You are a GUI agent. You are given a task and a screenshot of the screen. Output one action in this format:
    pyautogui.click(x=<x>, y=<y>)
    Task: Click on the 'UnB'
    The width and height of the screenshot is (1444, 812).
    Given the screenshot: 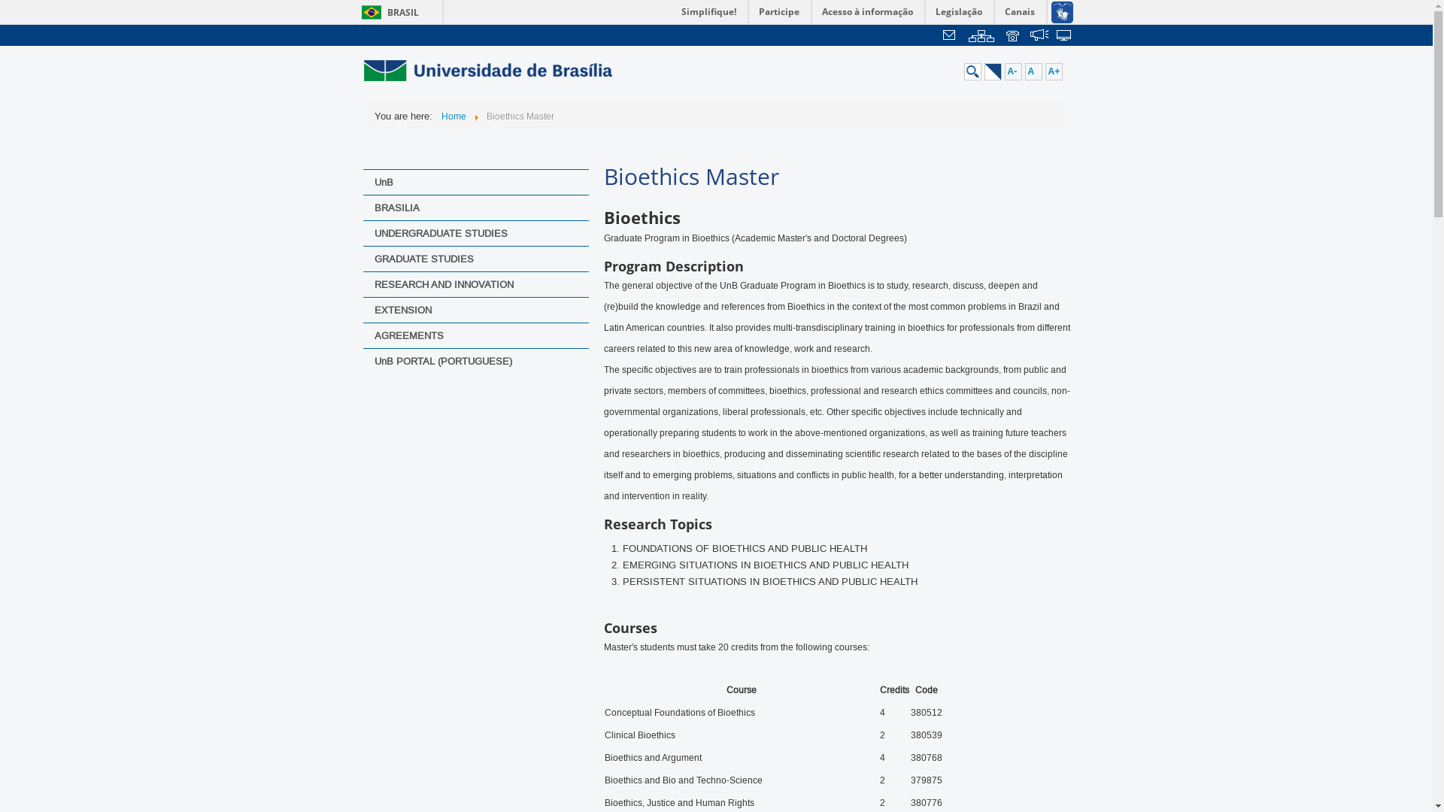 What is the action you would take?
    pyautogui.click(x=475, y=181)
    